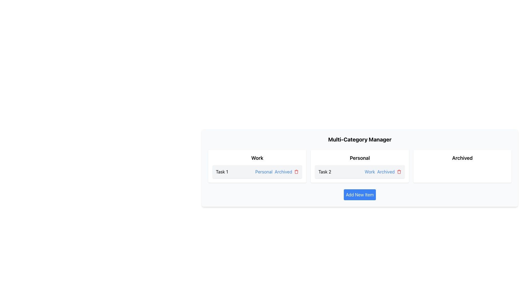 This screenshot has height=295, width=526. What do you see at coordinates (360, 194) in the screenshot?
I see `the button for adding new items located in the 'Multi-Category Manager' section` at bounding box center [360, 194].